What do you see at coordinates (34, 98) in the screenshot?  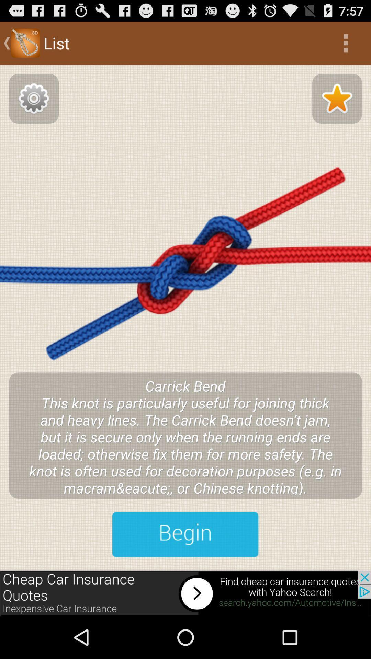 I see `app setting` at bounding box center [34, 98].